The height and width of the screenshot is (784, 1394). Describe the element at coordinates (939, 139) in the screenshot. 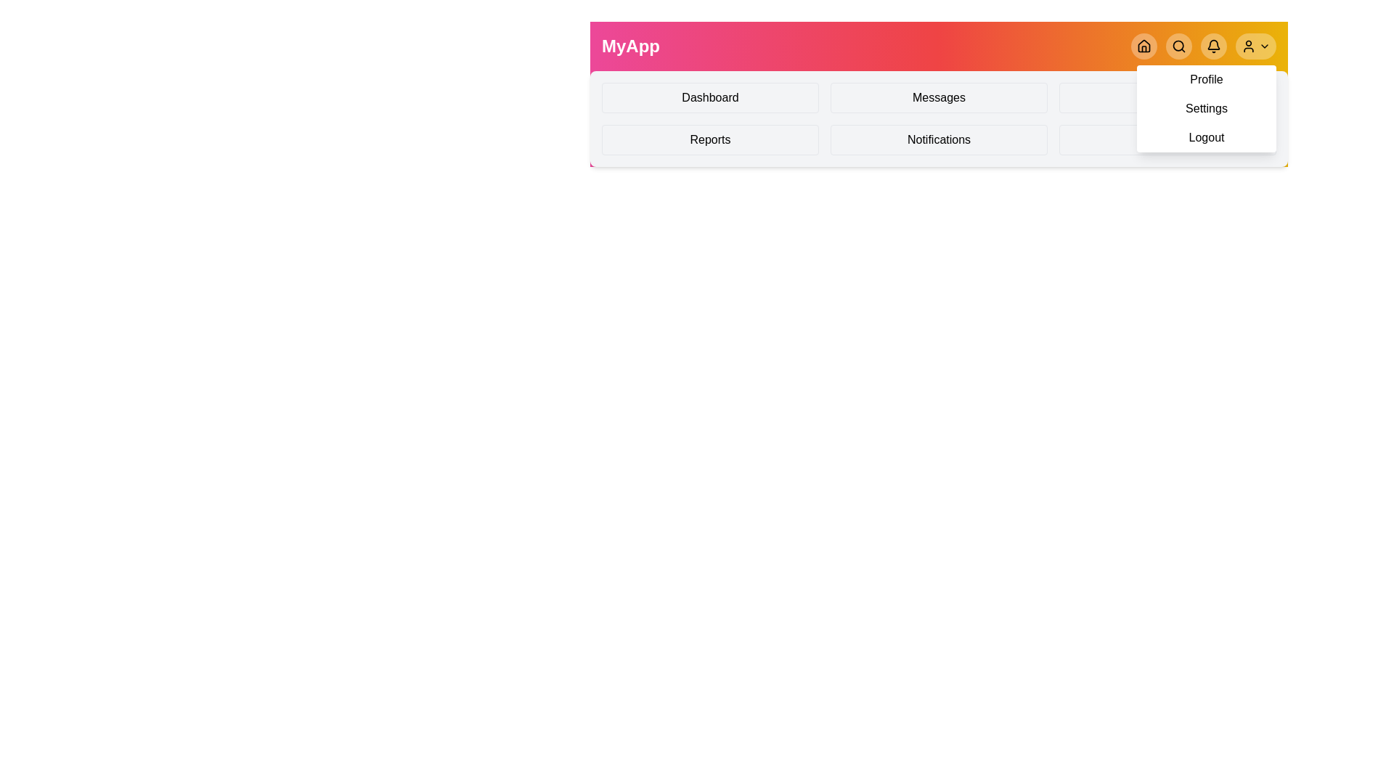

I see `the Notifications menu item` at that location.